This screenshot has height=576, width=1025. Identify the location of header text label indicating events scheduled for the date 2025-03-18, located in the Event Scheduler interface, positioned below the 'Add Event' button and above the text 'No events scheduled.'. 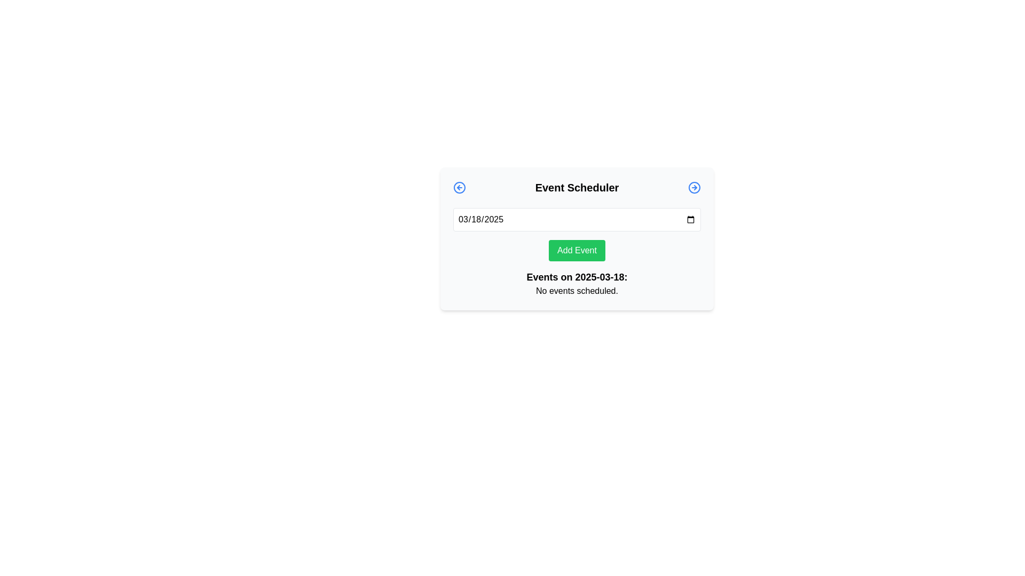
(576, 277).